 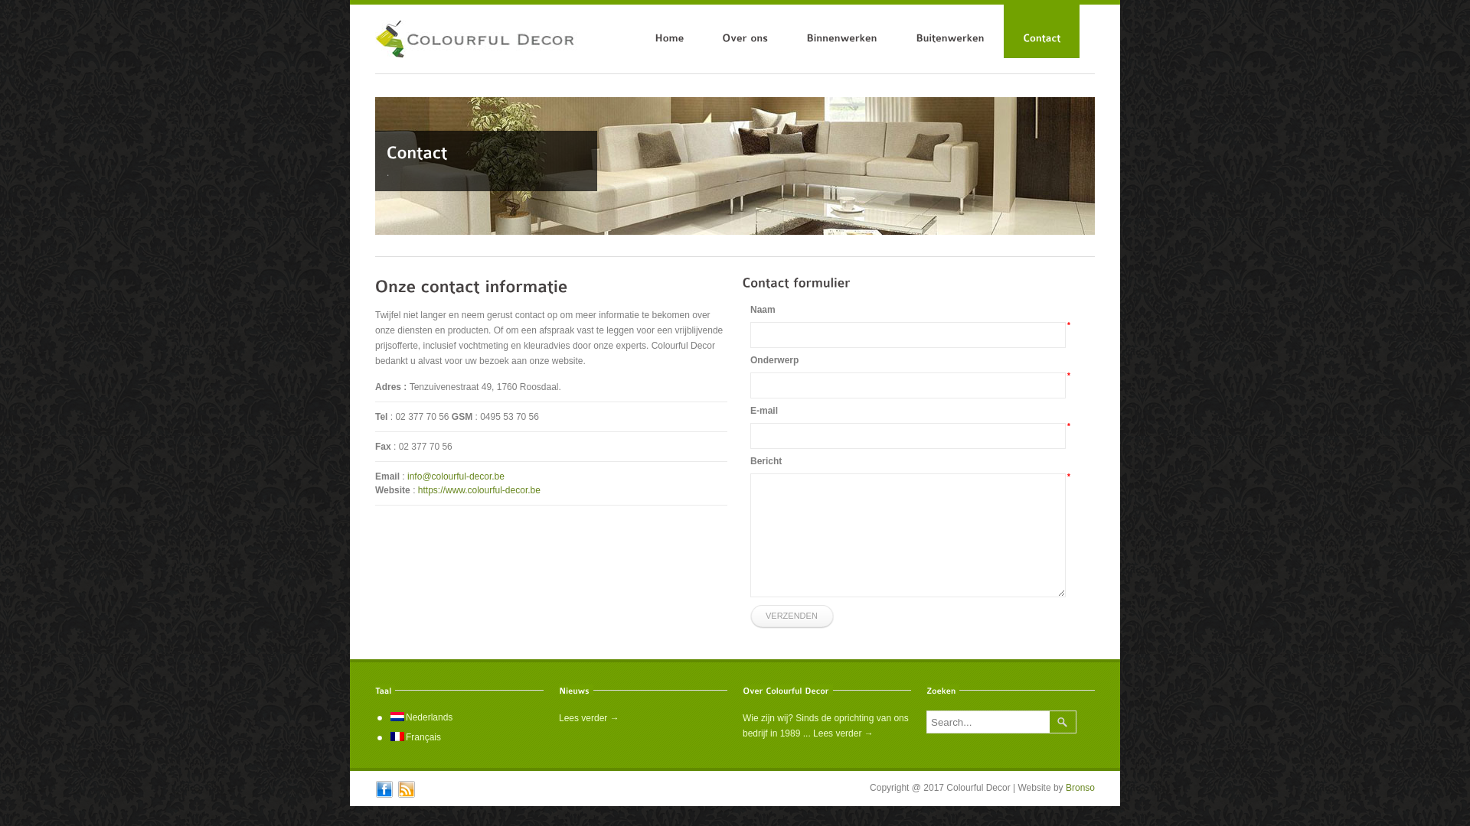 What do you see at coordinates (455, 476) in the screenshot?
I see `'info@colourful-decor.be'` at bounding box center [455, 476].